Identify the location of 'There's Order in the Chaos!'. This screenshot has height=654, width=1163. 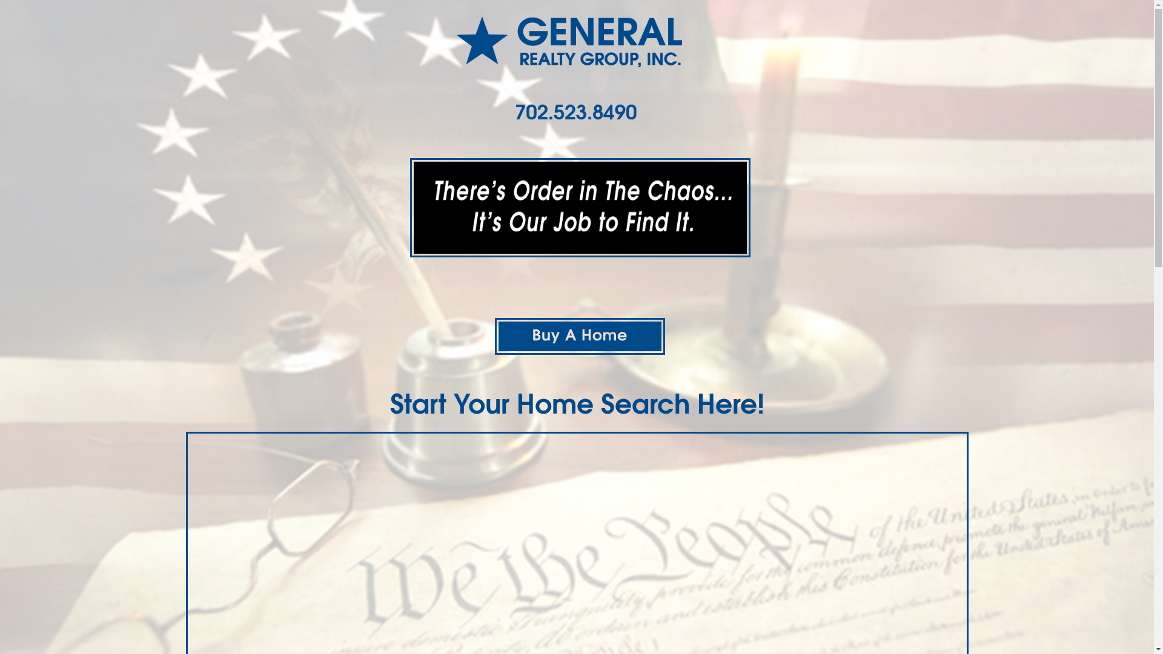
(578, 207).